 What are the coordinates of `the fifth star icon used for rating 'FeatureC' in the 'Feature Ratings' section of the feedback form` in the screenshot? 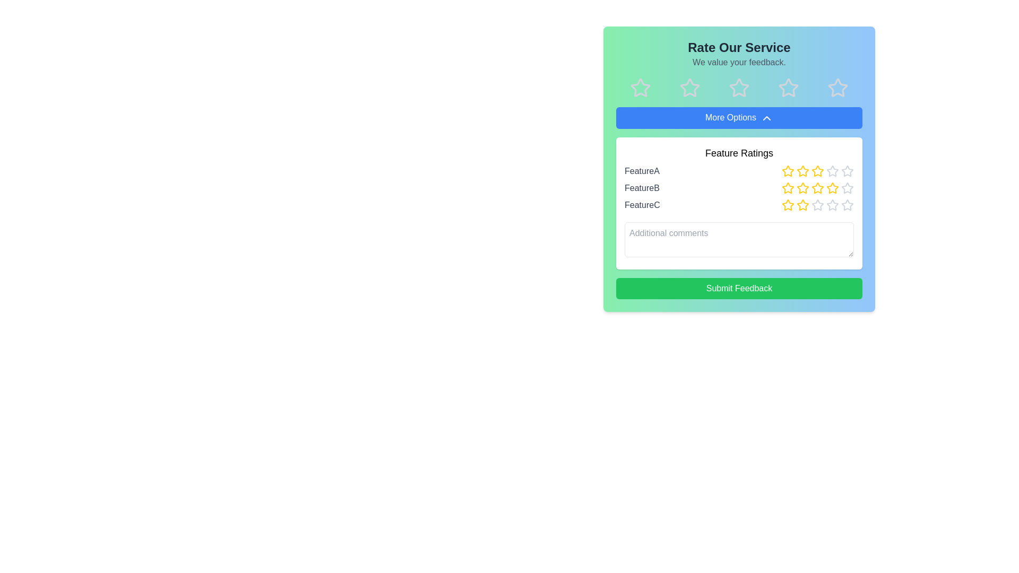 It's located at (847, 205).